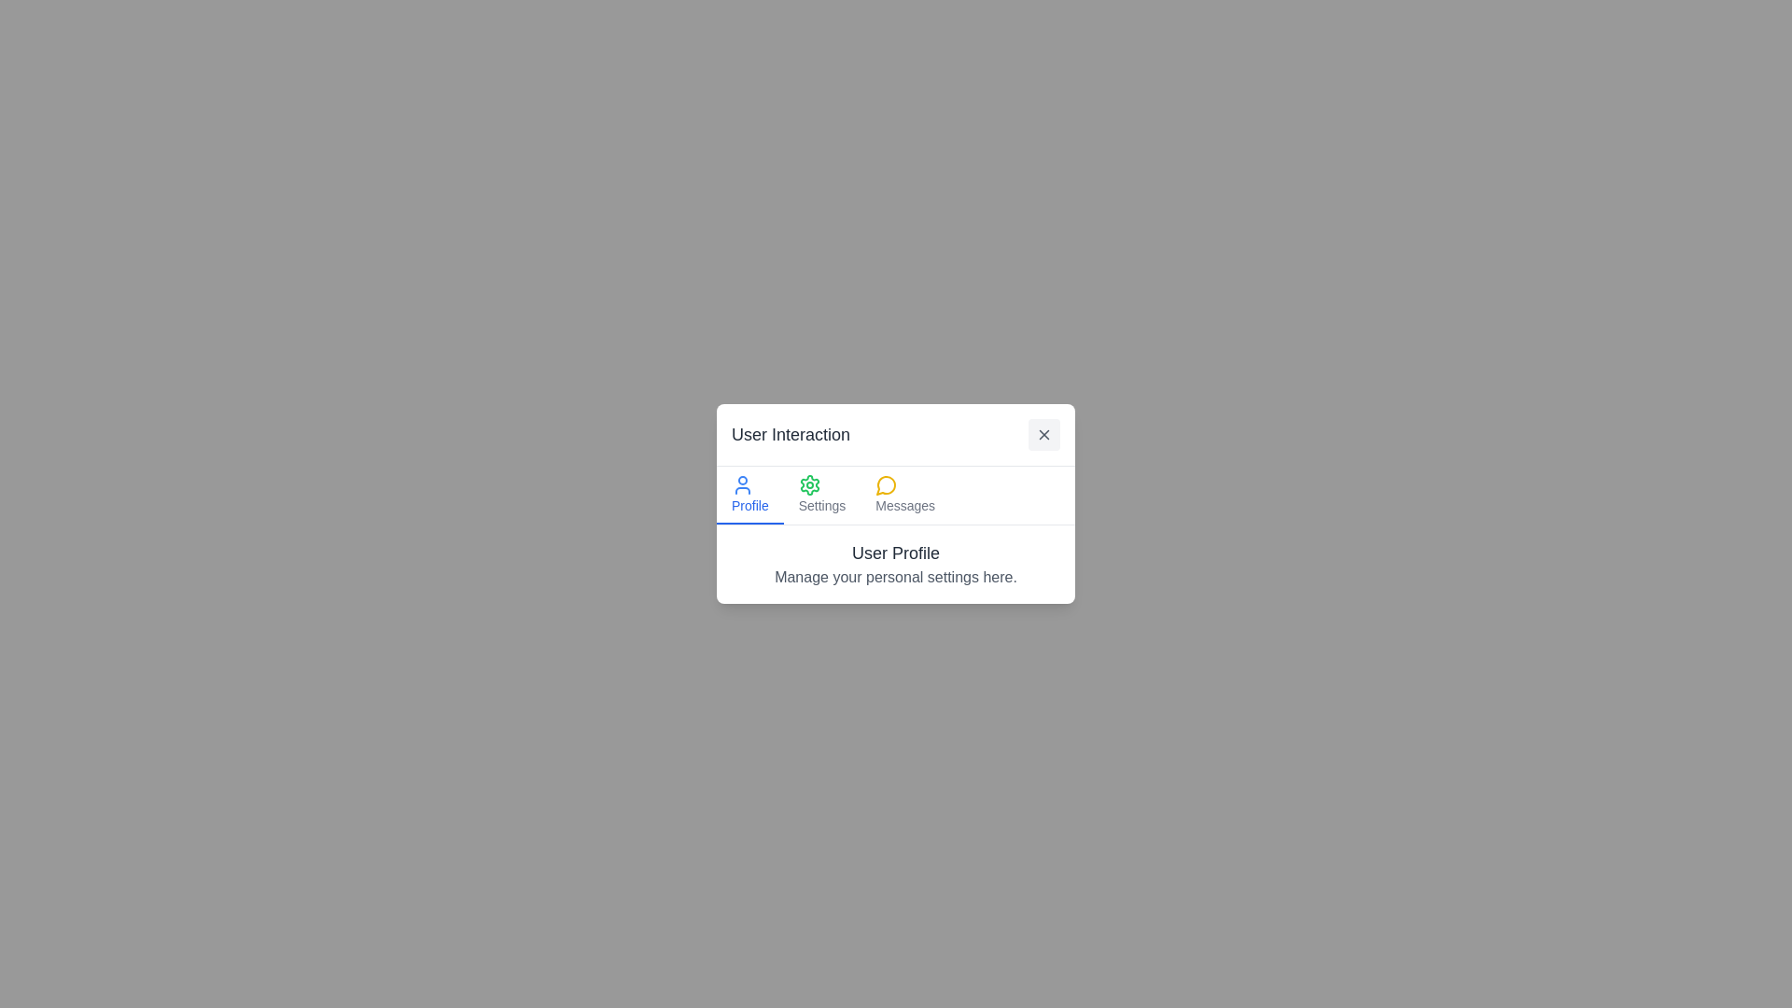  What do you see at coordinates (886, 484) in the screenshot?
I see `the central icon button that signifies the 'Messages' section of the user interface, positioned between the 'Settings' icon on the left and the 'Messages' icon below` at bounding box center [886, 484].